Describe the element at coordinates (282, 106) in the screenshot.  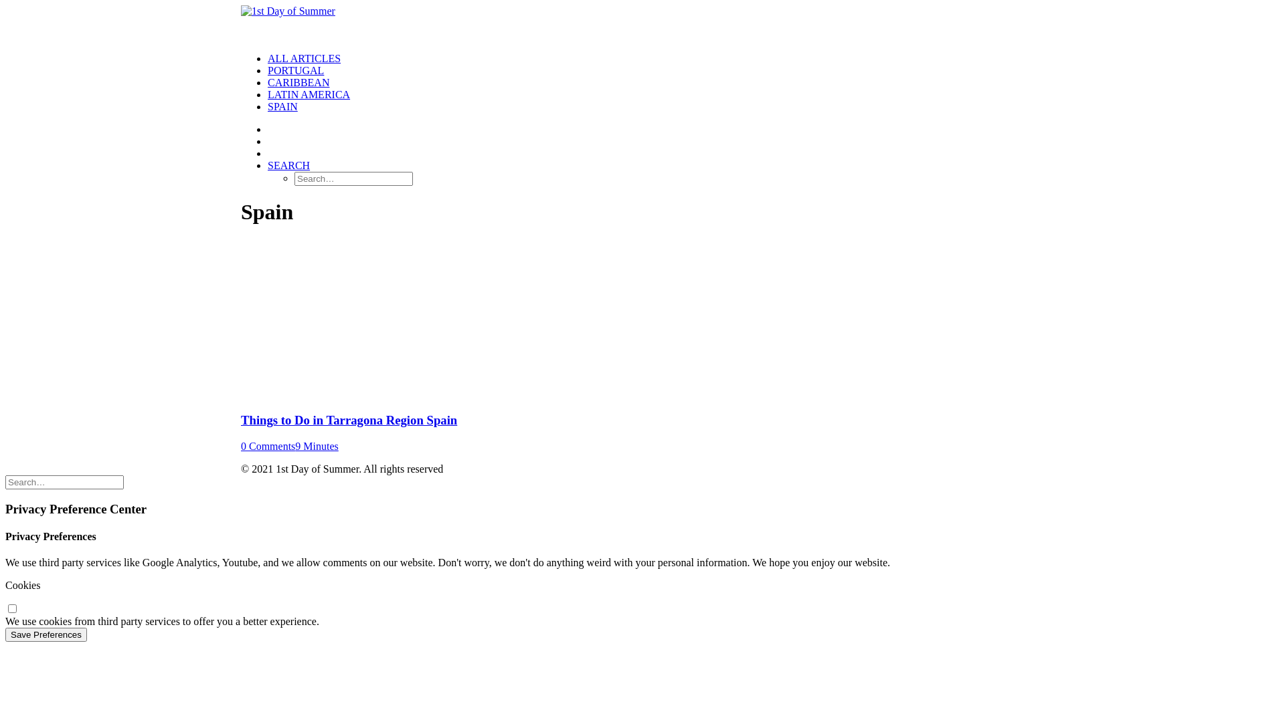
I see `'SPAIN'` at that location.